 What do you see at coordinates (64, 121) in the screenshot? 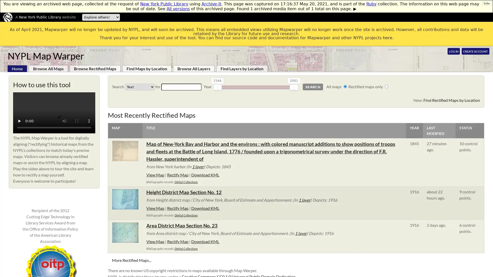
I see `mute` at bounding box center [64, 121].